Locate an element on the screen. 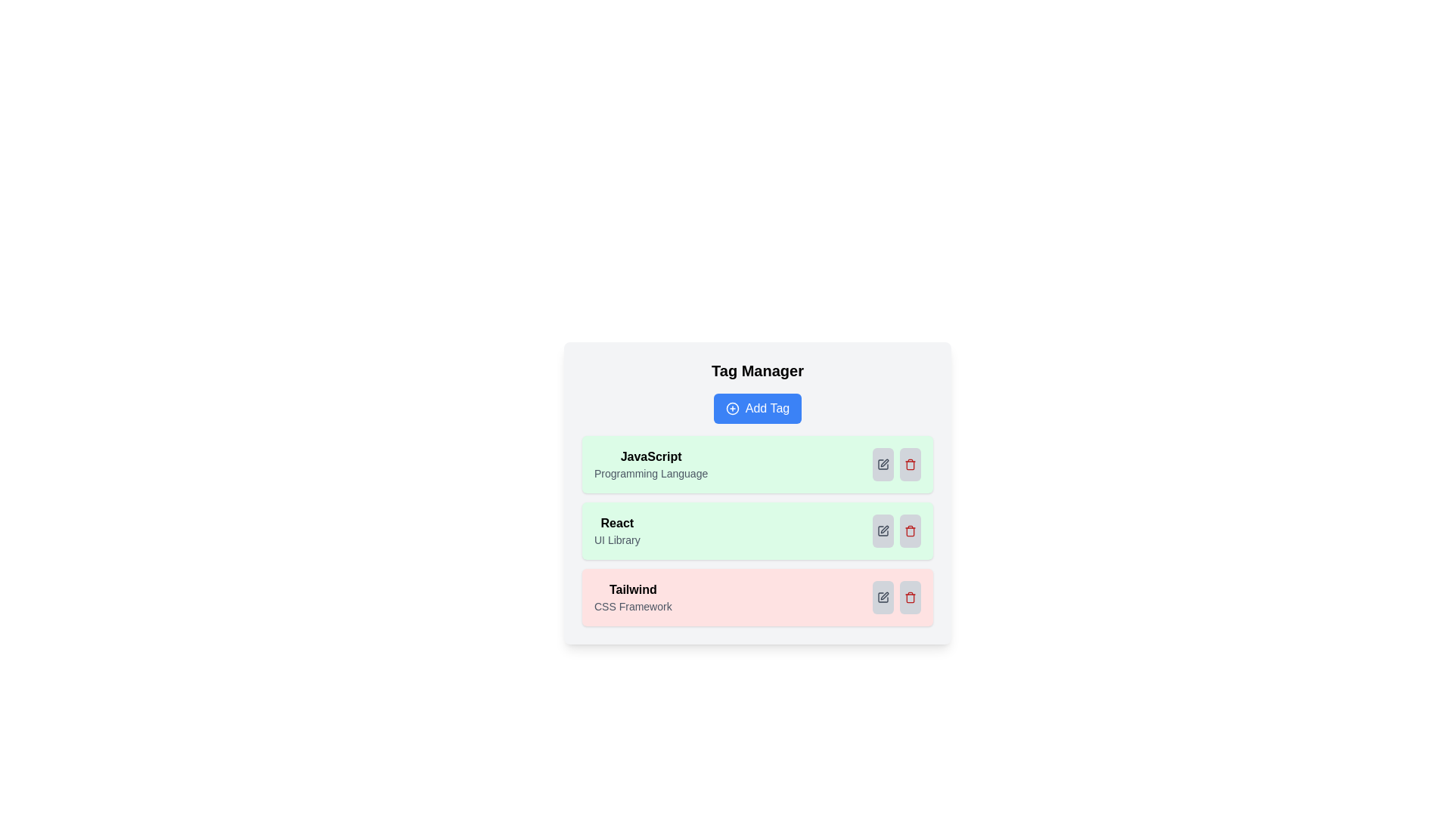 This screenshot has height=816, width=1452. the edit icon of the tag with name JavaScript to toggle its active state is located at coordinates (883, 463).